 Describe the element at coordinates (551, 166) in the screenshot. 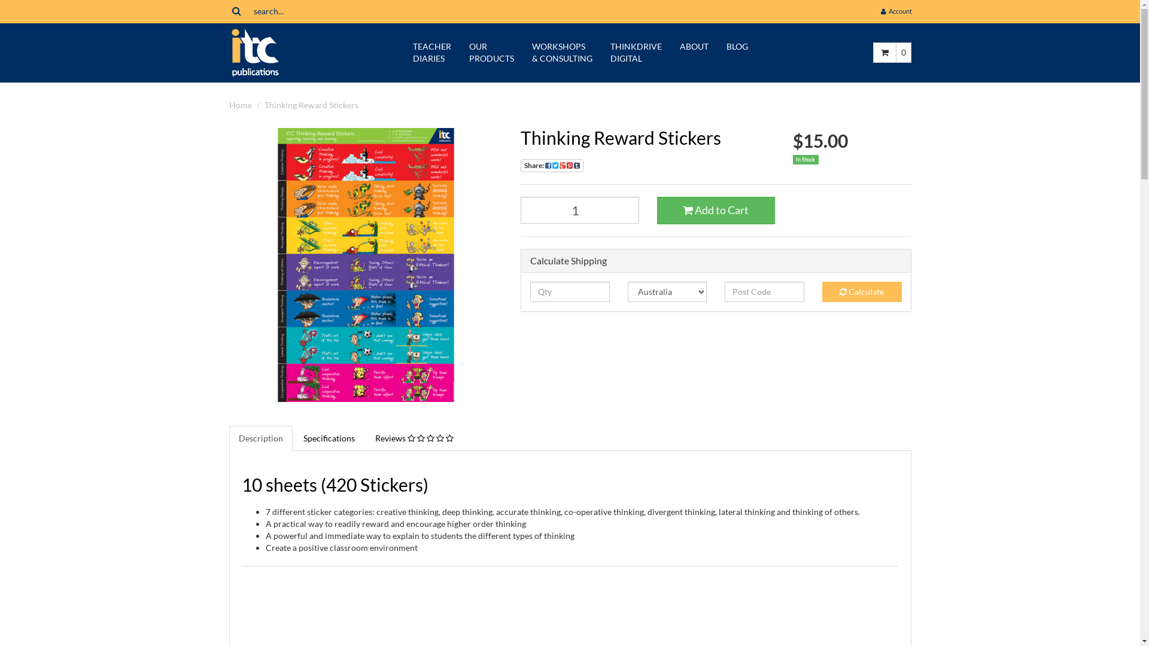

I see `'Share:'` at that location.